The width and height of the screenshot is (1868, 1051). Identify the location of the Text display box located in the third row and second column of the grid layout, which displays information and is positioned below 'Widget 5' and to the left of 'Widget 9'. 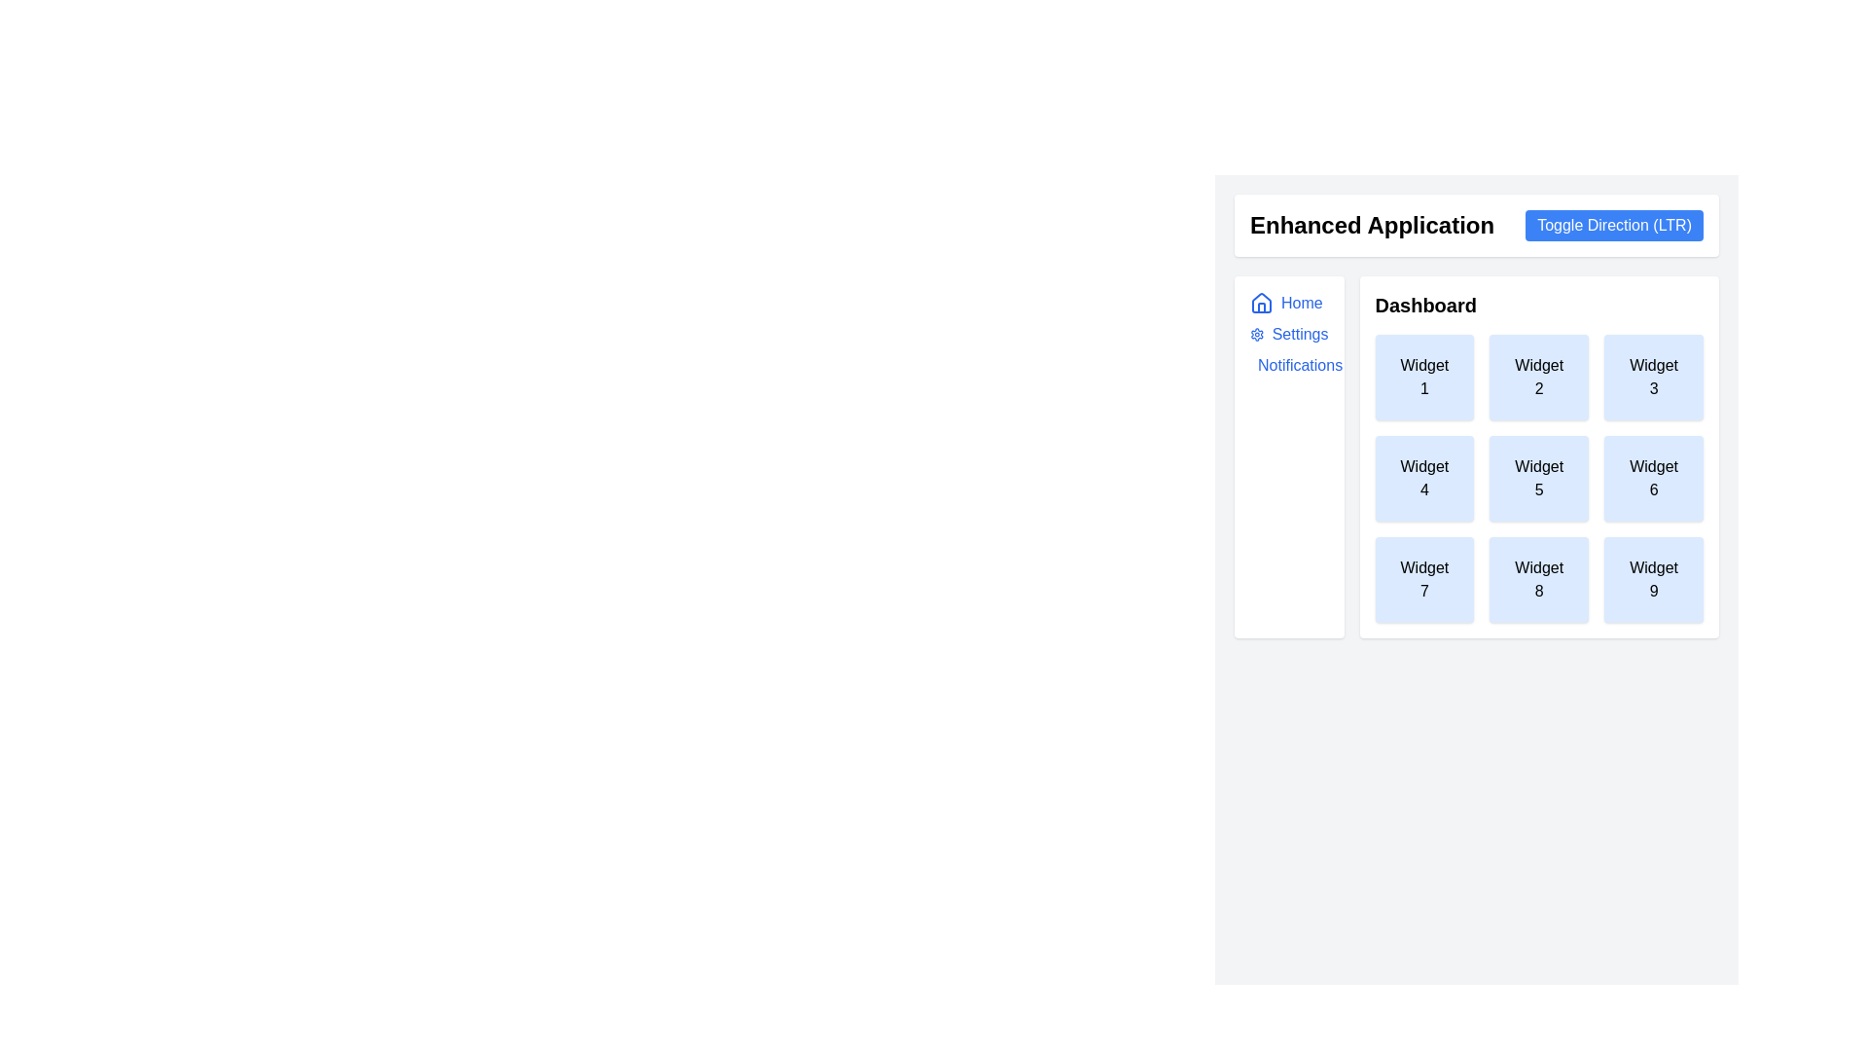
(1538, 579).